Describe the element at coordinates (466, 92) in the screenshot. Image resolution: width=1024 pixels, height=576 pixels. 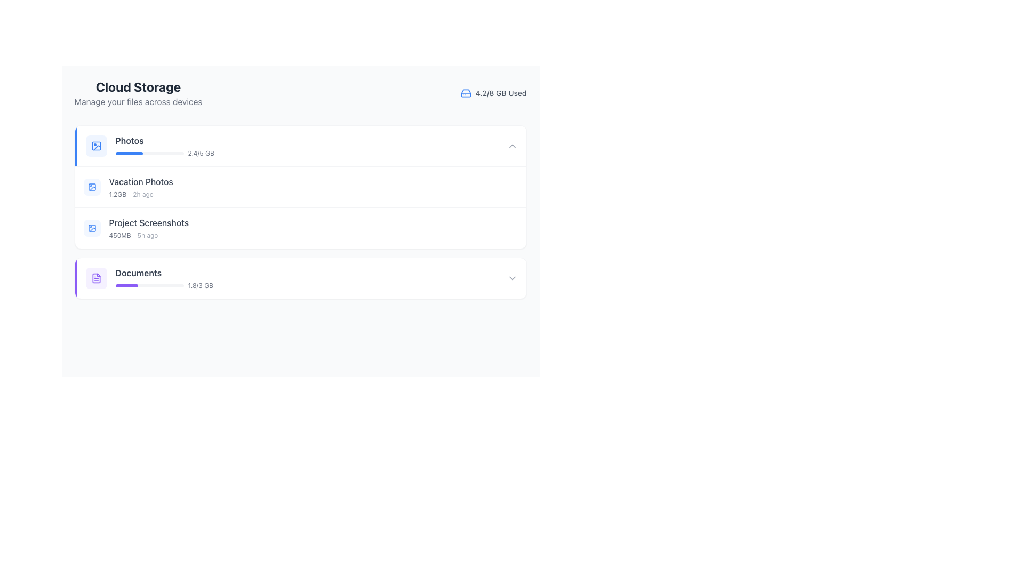
I see `the blue hard drive icon styled with minimalistic line-art design, located in the upper right corner of the interface next to the text '4.2/8 GB Used.'` at that location.